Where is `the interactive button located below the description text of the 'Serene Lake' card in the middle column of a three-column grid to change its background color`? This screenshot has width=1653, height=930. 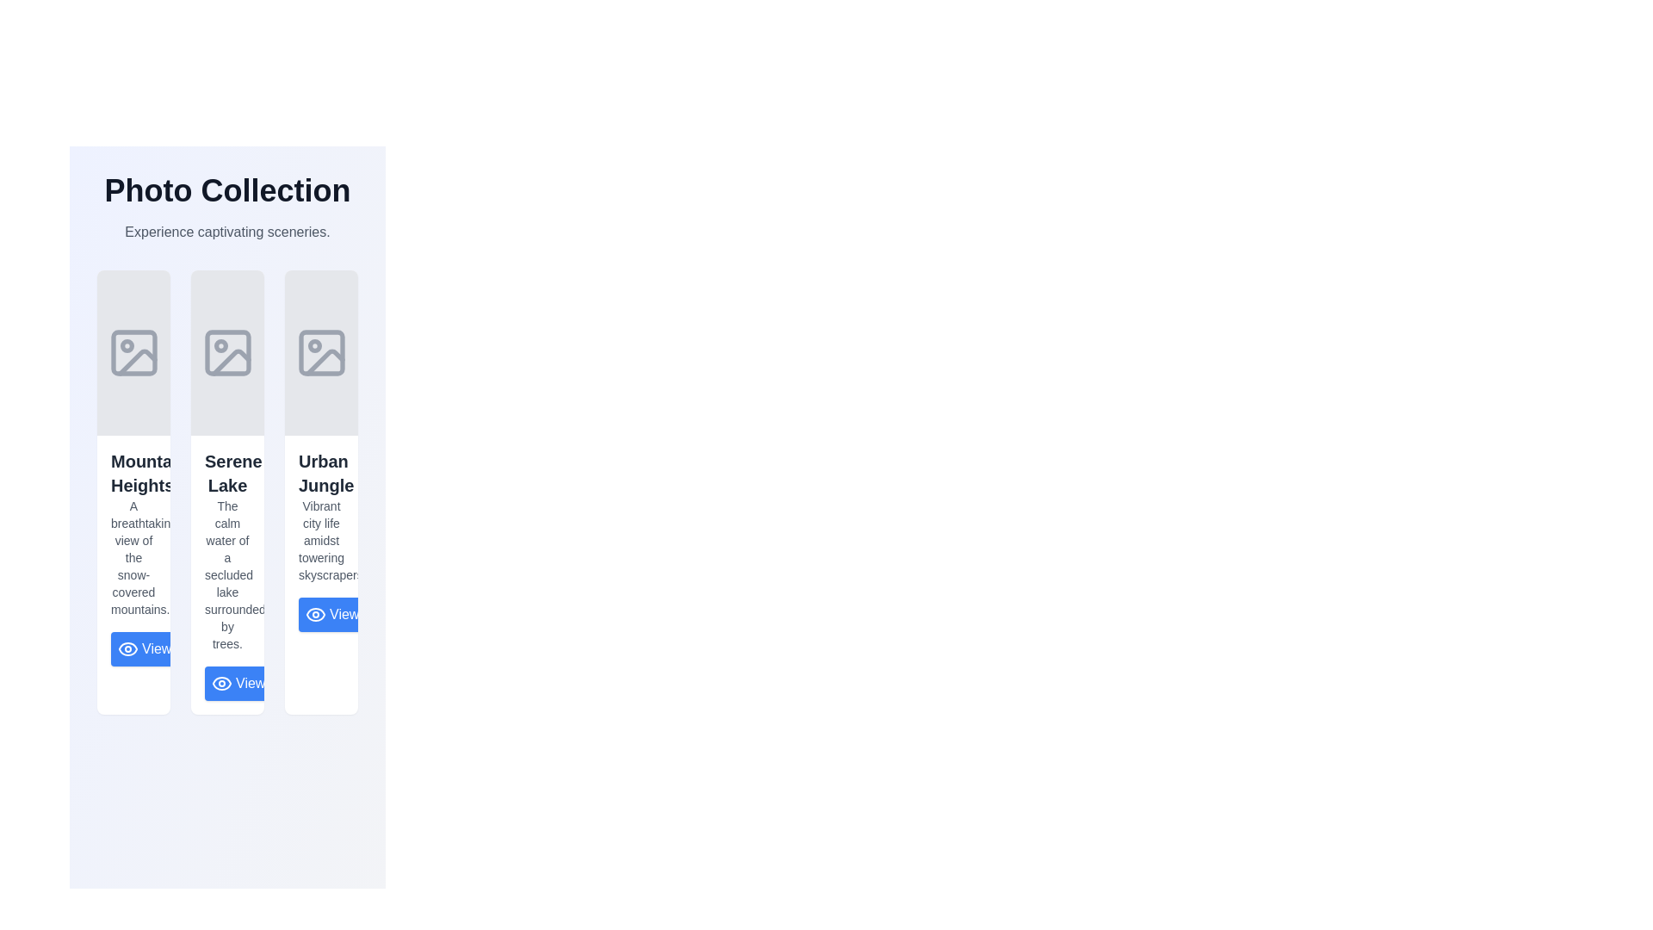 the interactive button located below the description text of the 'Serene Lake' card in the middle column of a three-column grid to change its background color is located at coordinates (226, 683).